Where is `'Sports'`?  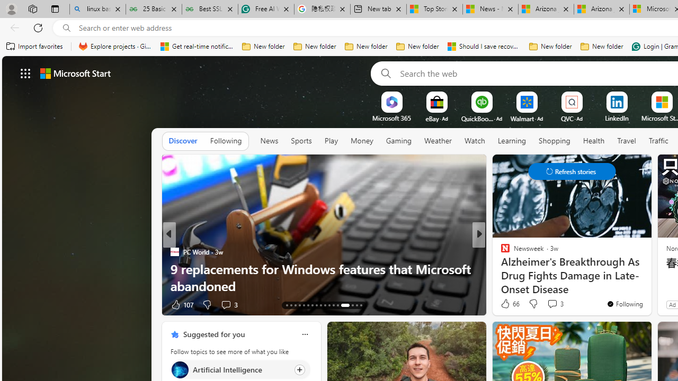
'Sports' is located at coordinates (300, 140).